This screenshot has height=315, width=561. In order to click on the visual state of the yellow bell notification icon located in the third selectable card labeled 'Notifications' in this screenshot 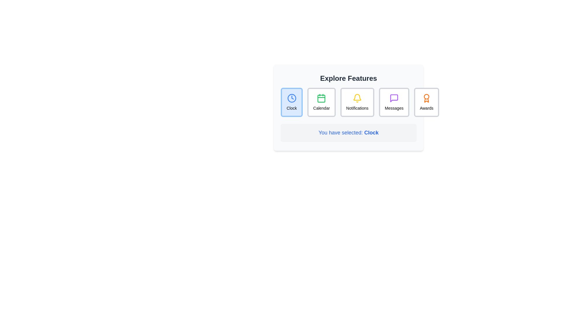, I will do `click(357, 97)`.